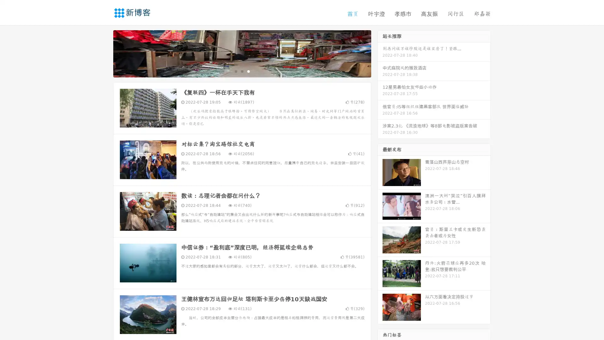 This screenshot has height=340, width=604. Describe the element at coordinates (380, 53) in the screenshot. I see `Next slide` at that location.